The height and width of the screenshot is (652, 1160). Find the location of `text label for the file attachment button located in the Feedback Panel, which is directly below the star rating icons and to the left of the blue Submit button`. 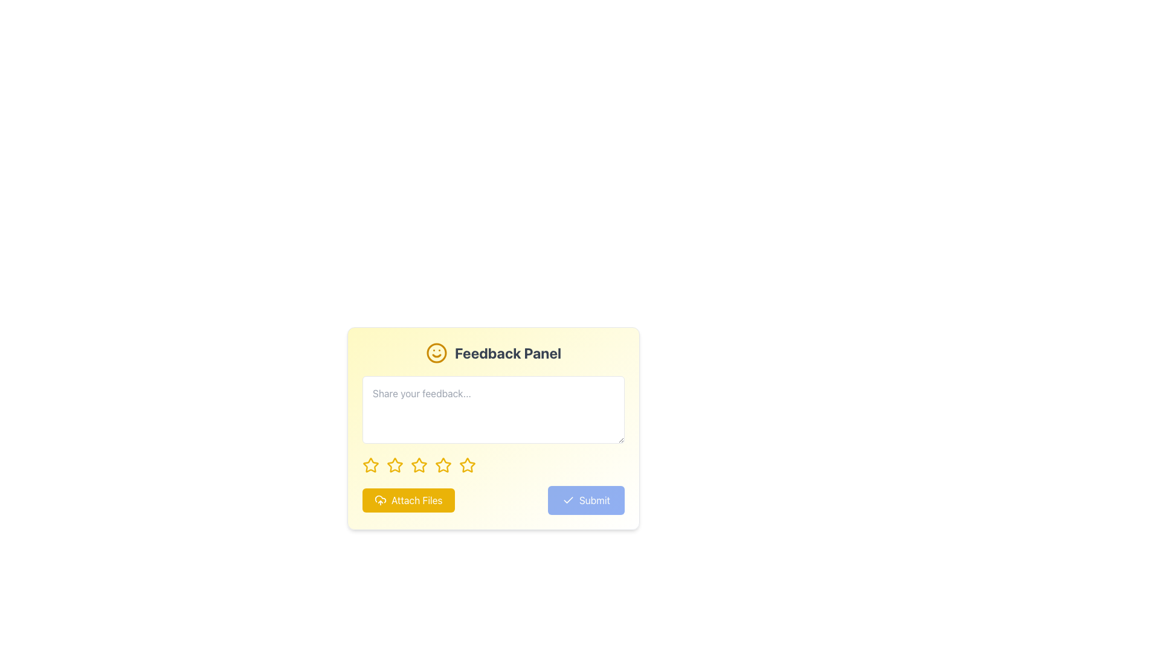

text label for the file attachment button located in the Feedback Panel, which is directly below the star rating icons and to the left of the blue Submit button is located at coordinates (417, 500).